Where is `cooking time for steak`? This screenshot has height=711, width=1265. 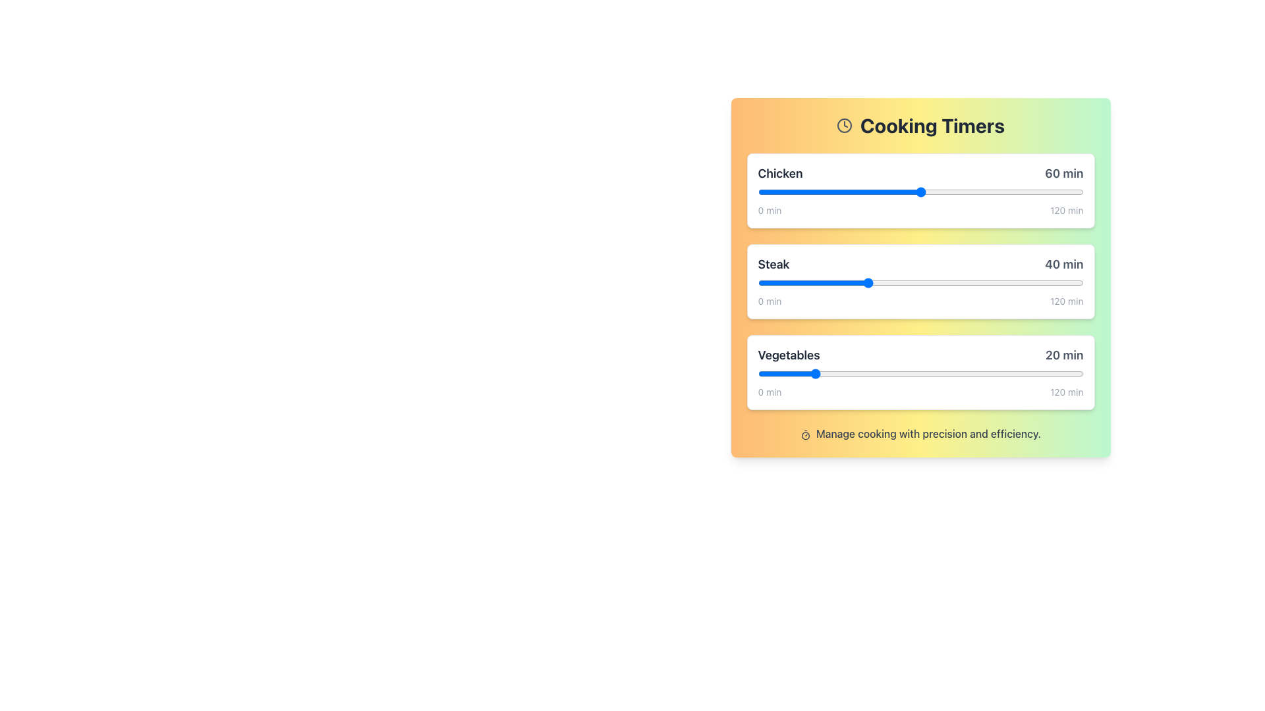
cooking time for steak is located at coordinates (1012, 282).